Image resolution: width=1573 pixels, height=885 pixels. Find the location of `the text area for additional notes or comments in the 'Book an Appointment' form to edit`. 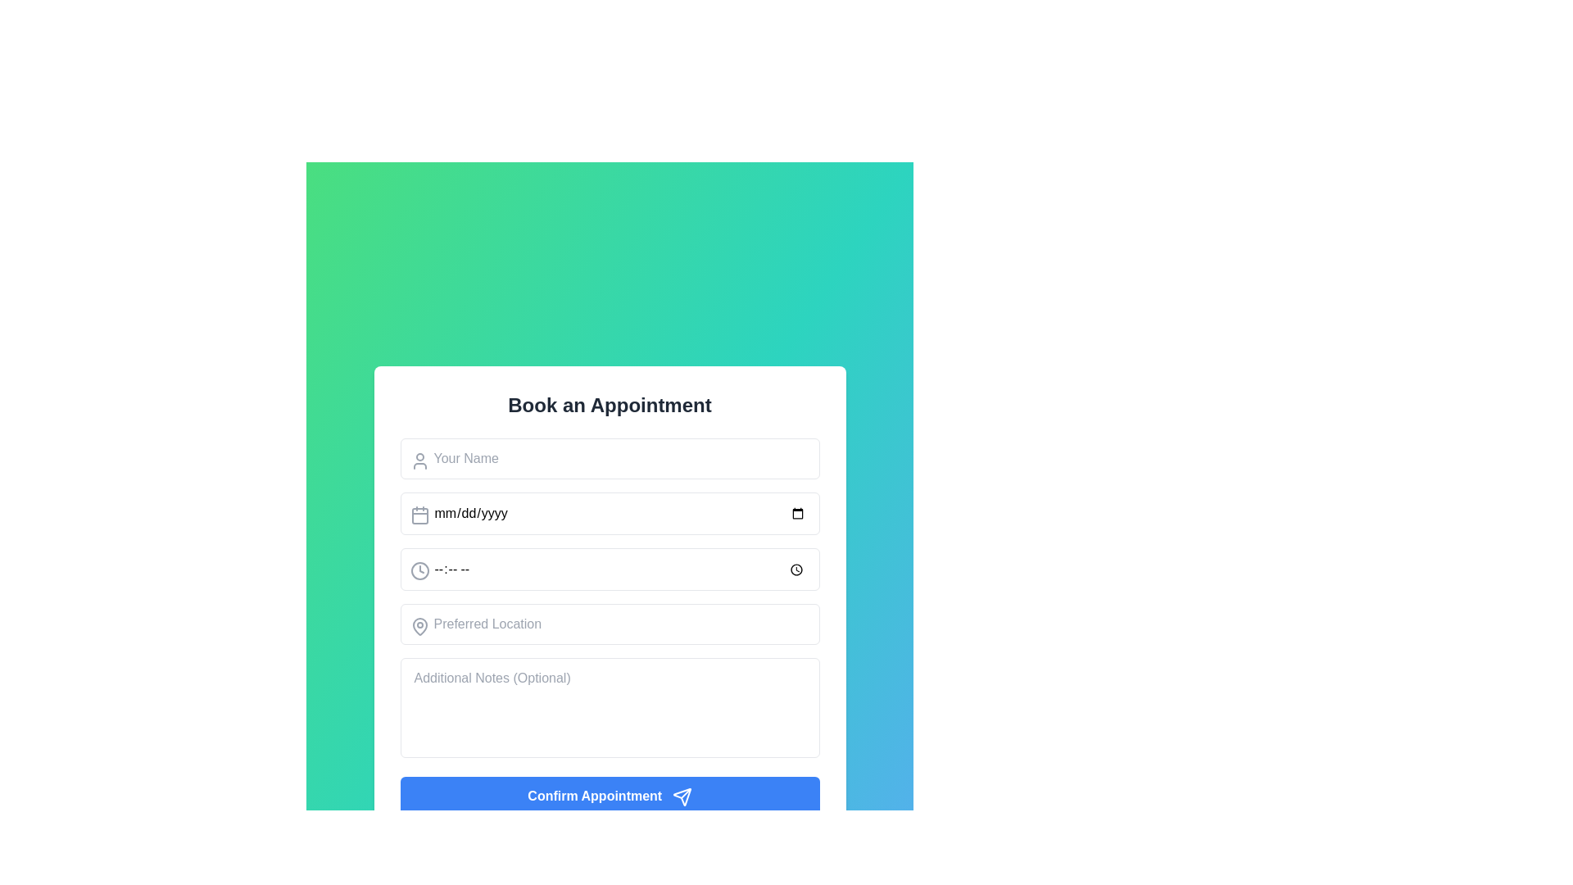

the text area for additional notes or comments in the 'Book an Appointment' form to edit is located at coordinates (609, 707).